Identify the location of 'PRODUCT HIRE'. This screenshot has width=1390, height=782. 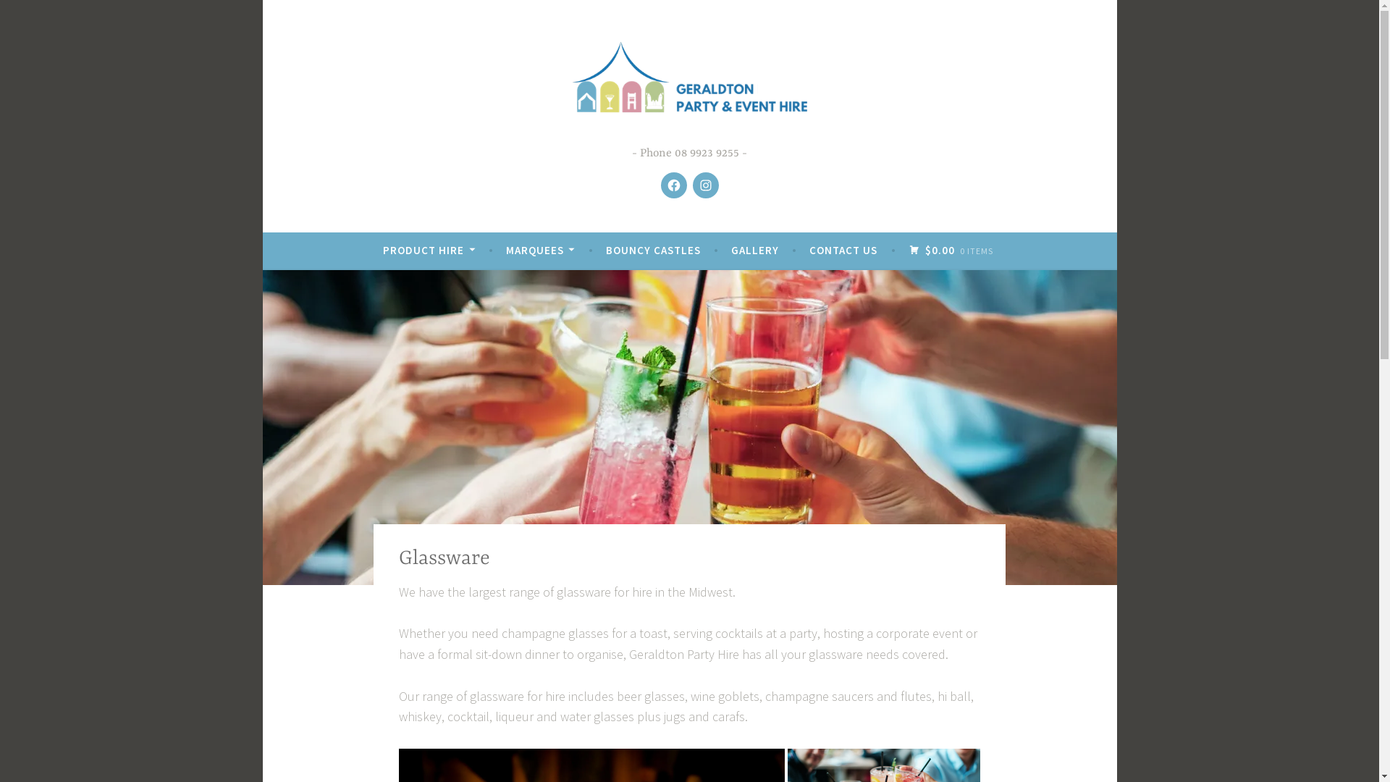
(428, 250).